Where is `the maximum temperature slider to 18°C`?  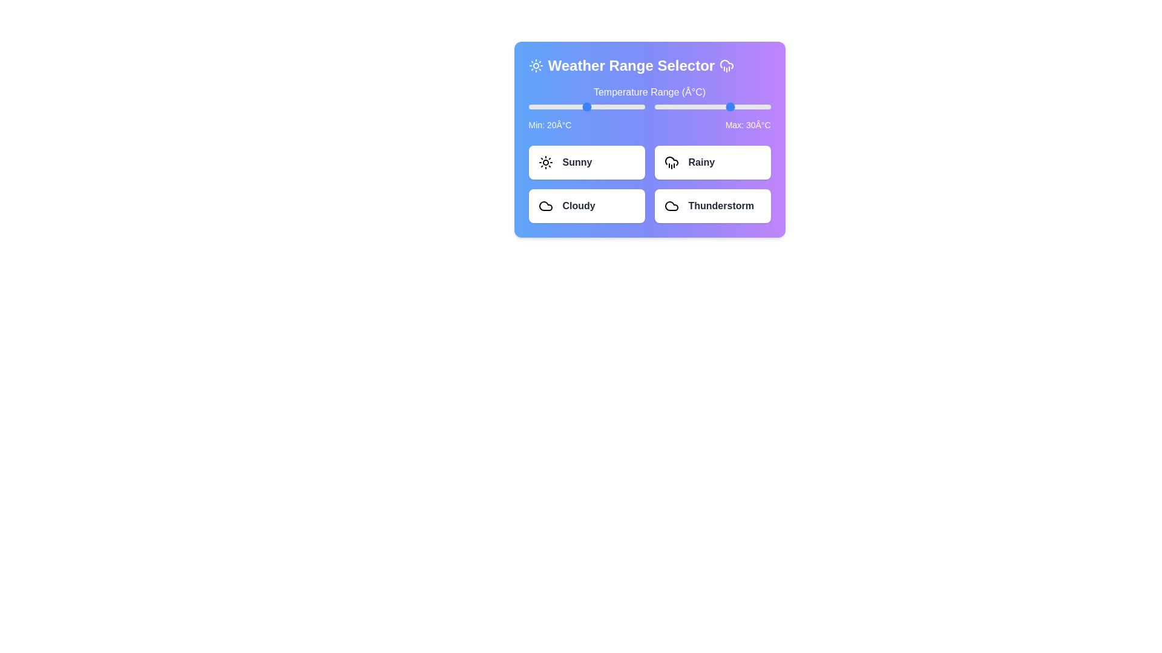
the maximum temperature slider to 18°C is located at coordinates (709, 106).